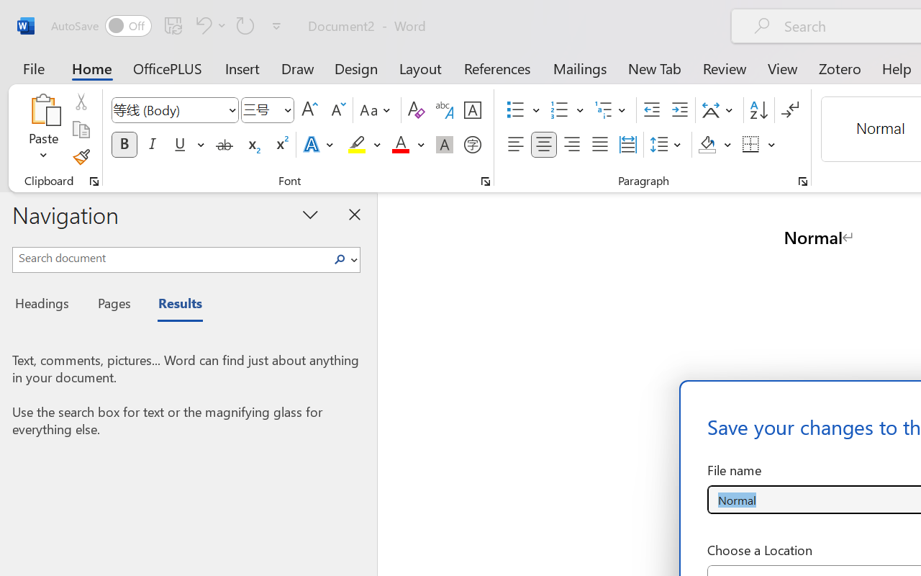 This screenshot has width=921, height=576. Describe the element at coordinates (268, 110) in the screenshot. I see `'Font Size'` at that location.